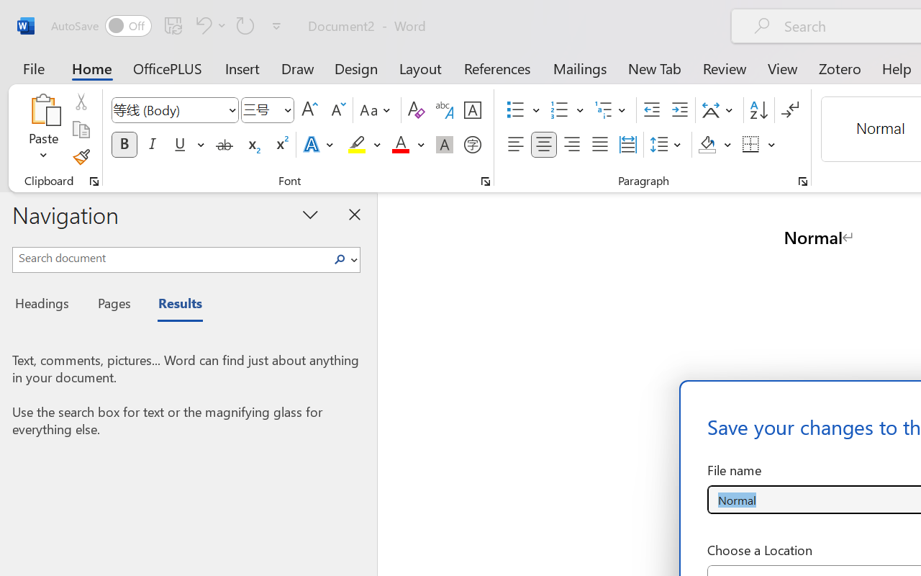 This screenshot has width=921, height=576. Describe the element at coordinates (268, 110) in the screenshot. I see `'Font Size'` at that location.